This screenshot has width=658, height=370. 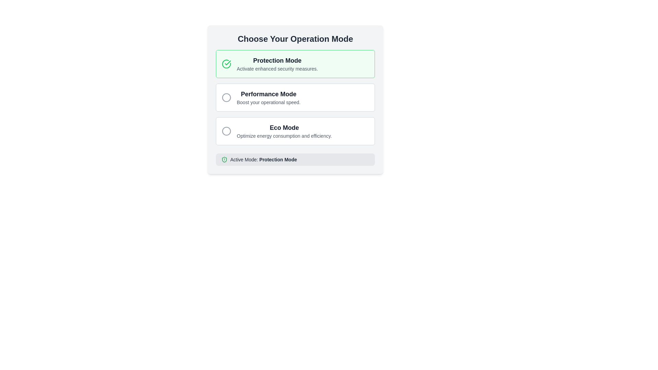 I want to click on the bold text label that indicates the currently active operation mode, which reads 'Active Mode: Protection Mode', located in the footer area of the interface, so click(x=278, y=160).